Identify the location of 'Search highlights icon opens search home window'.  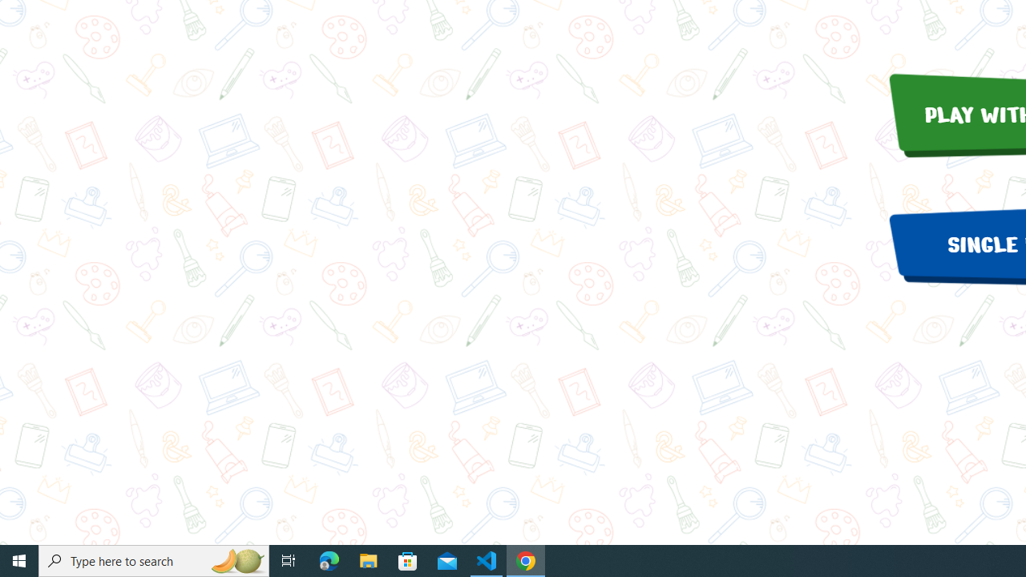
(236, 559).